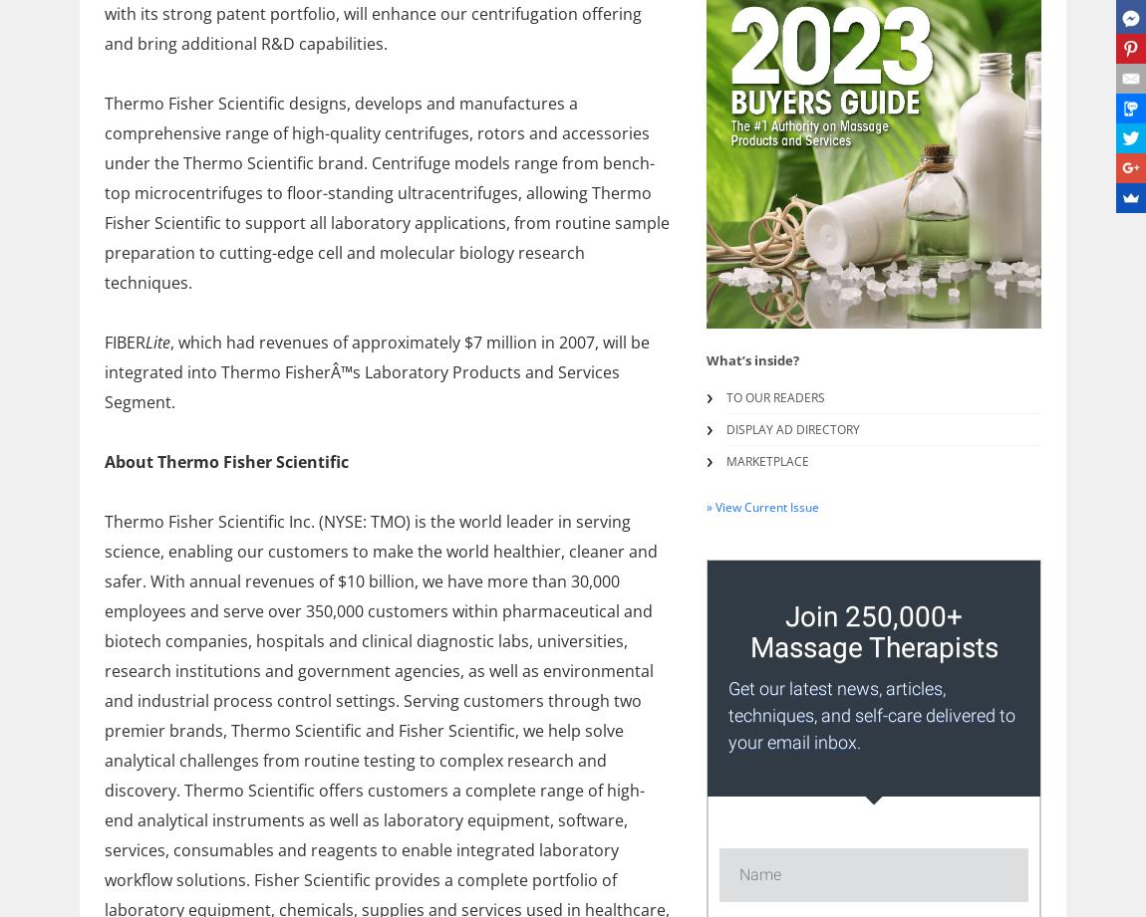 The height and width of the screenshot is (917, 1146). Describe the element at coordinates (774, 397) in the screenshot. I see `'To Our Readers'` at that location.